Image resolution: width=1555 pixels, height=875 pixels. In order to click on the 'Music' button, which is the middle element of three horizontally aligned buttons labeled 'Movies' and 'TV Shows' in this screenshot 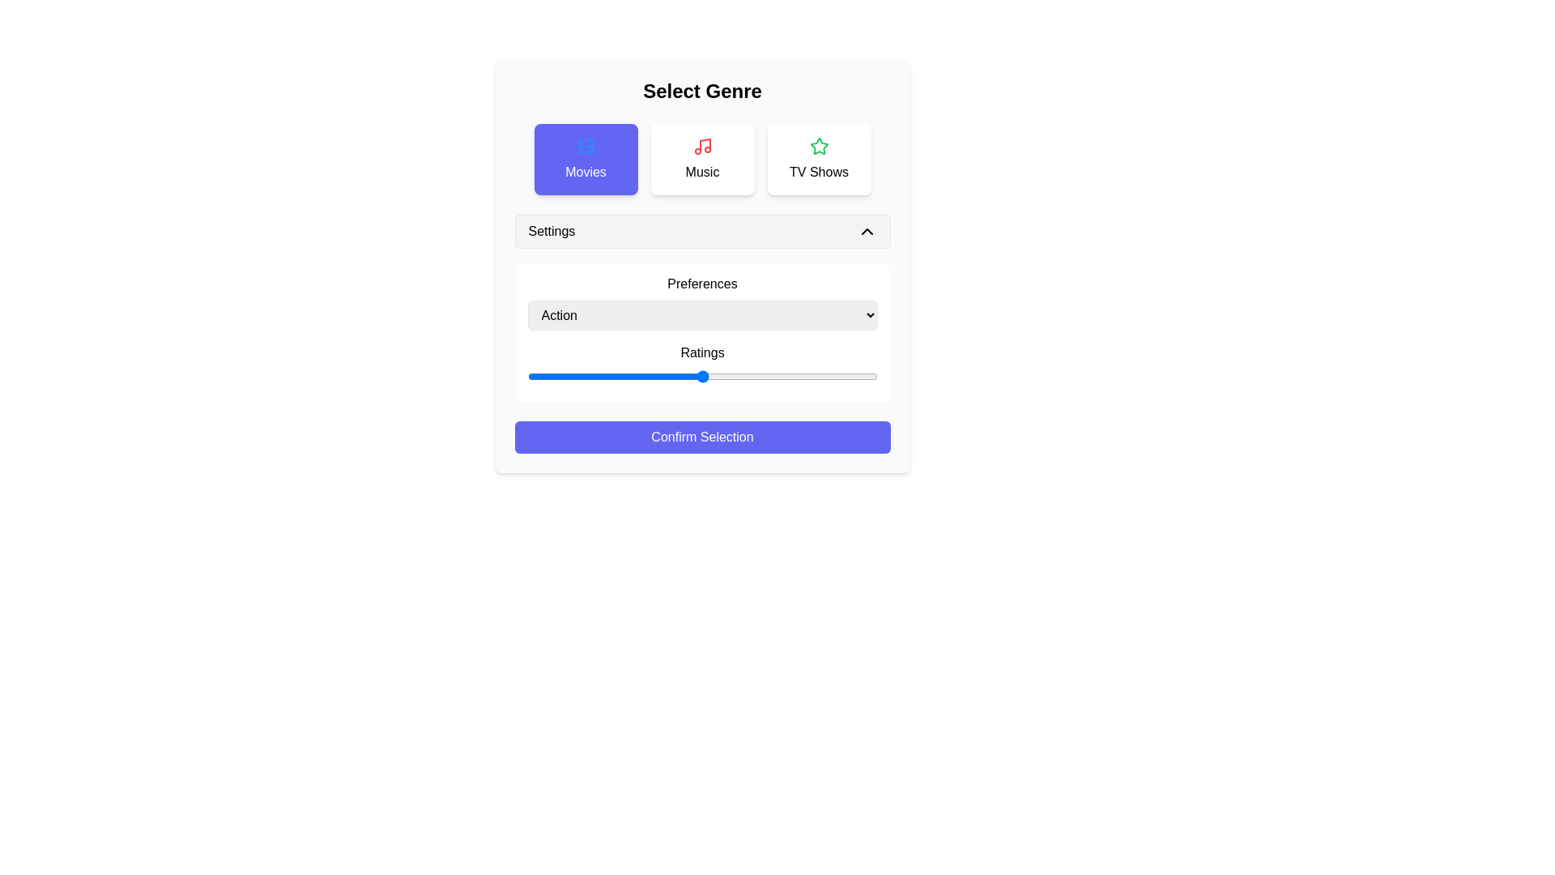, I will do `click(702, 159)`.